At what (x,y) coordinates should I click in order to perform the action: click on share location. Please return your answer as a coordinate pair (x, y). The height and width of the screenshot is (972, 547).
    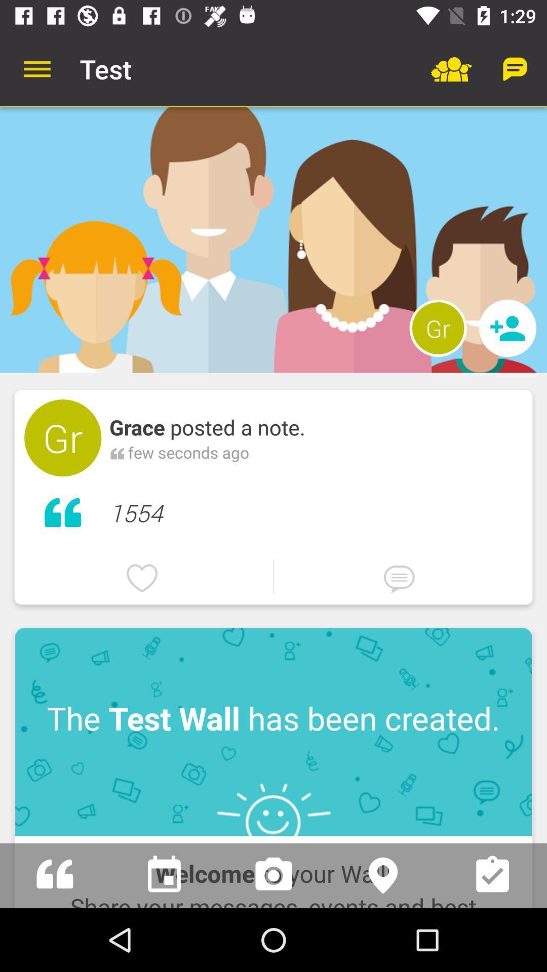
    Looking at the image, I should click on (383, 875).